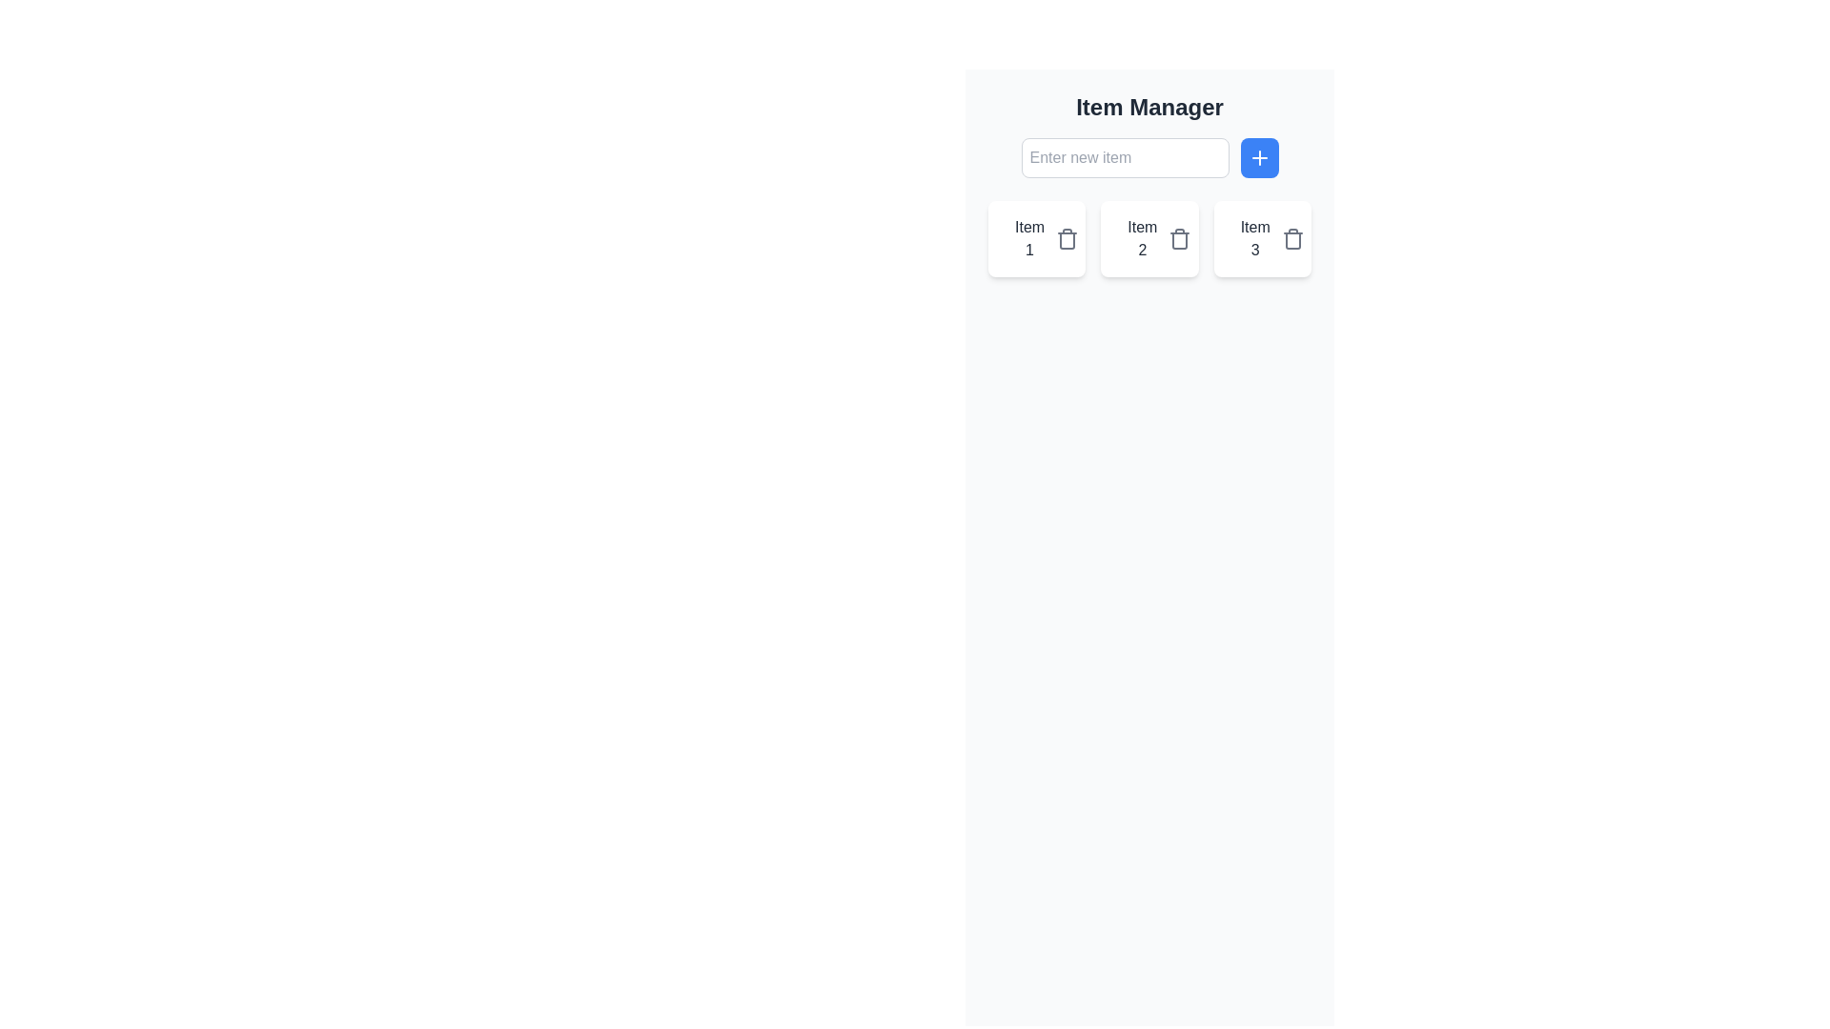  I want to click on the primary text label for the first item in the list, located within the first card, to the right of a small yellow icon and to the left of a small trash can icon, so click(1028, 237).